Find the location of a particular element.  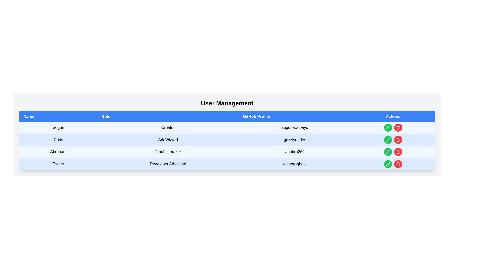

the text display that shows the GitHub username located in the third row of the table under the 'GitHub Profile' column is located at coordinates (295, 152).